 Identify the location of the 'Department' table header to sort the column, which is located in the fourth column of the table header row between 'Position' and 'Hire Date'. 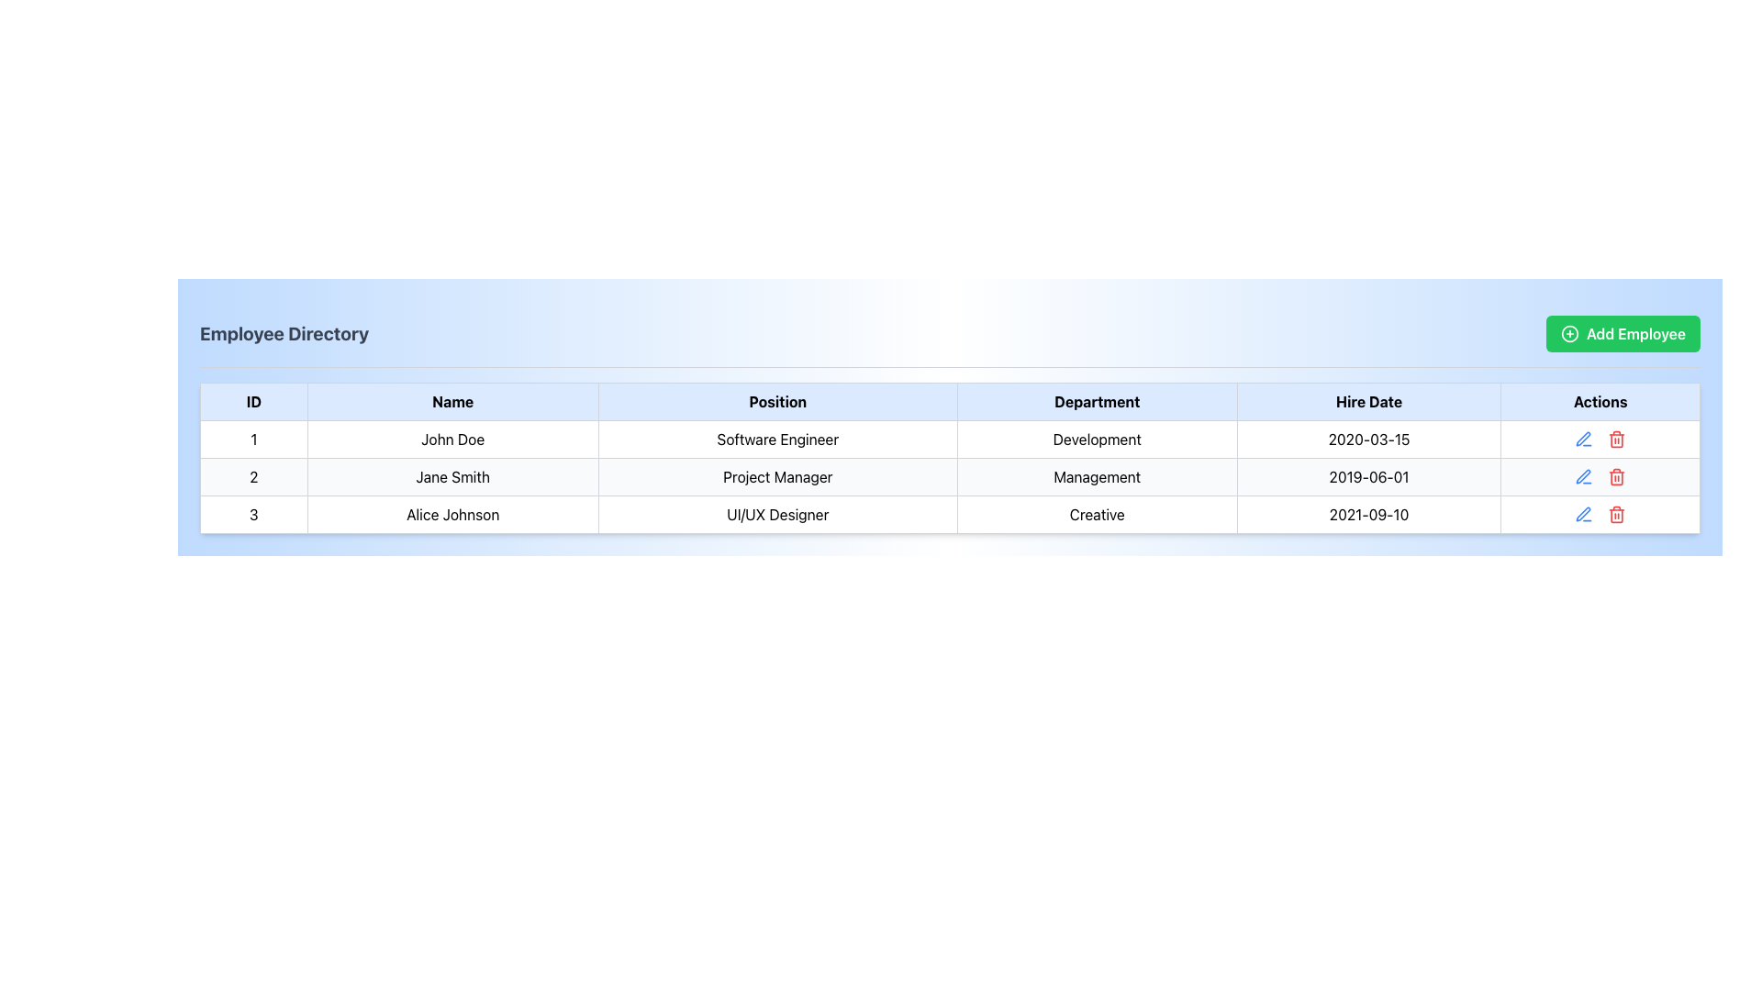
(1097, 401).